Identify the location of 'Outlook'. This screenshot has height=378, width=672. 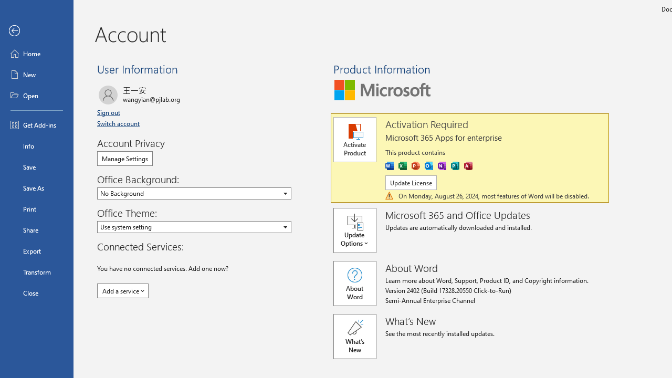
(429, 165).